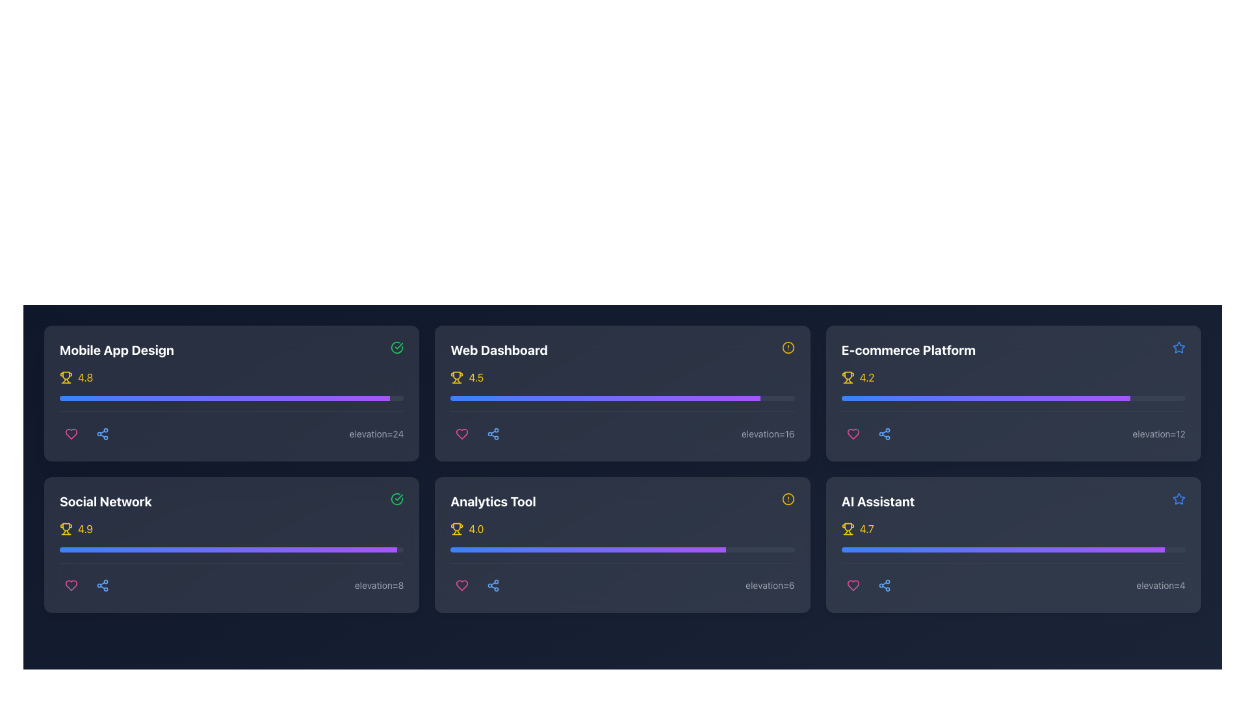 The image size is (1248, 702). Describe the element at coordinates (884, 434) in the screenshot. I see `the share button located at the bottom right of the 'E-commerce Platform' card` at that location.